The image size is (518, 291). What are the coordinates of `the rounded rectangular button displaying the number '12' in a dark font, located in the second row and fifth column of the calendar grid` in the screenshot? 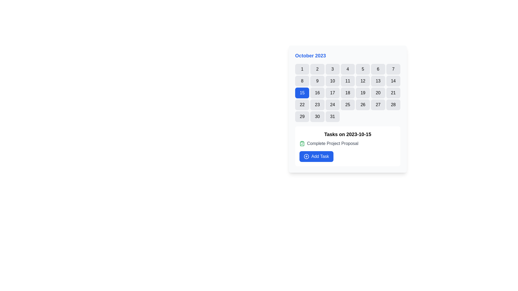 It's located at (363, 81).